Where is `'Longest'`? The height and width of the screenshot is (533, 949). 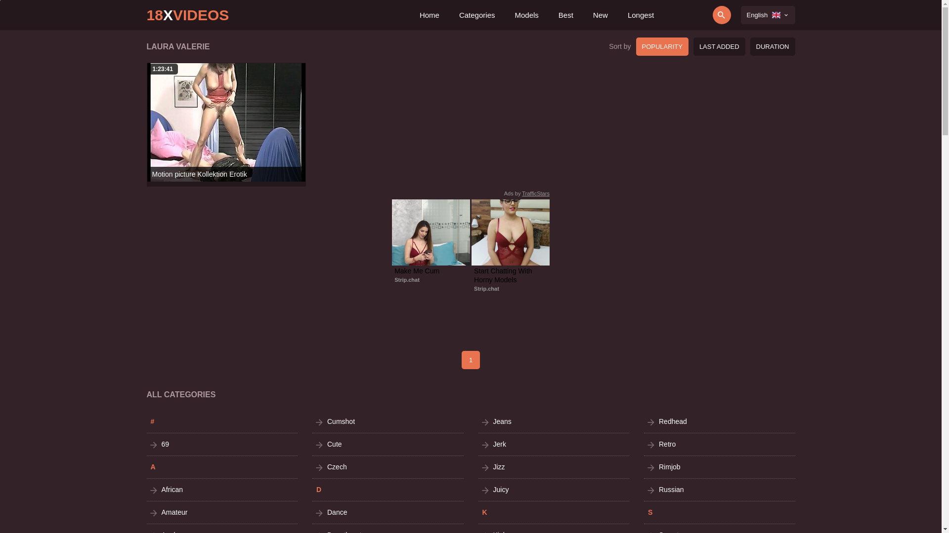 'Longest' is located at coordinates (641, 15).